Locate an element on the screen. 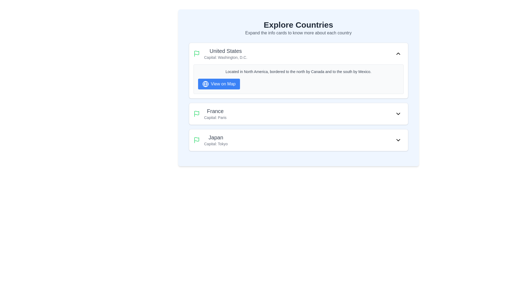  the text label displaying 'Capital: Tokyo', which is a small gray font located beneath the title 'Japan' in the information card about Japan is located at coordinates (216, 144).